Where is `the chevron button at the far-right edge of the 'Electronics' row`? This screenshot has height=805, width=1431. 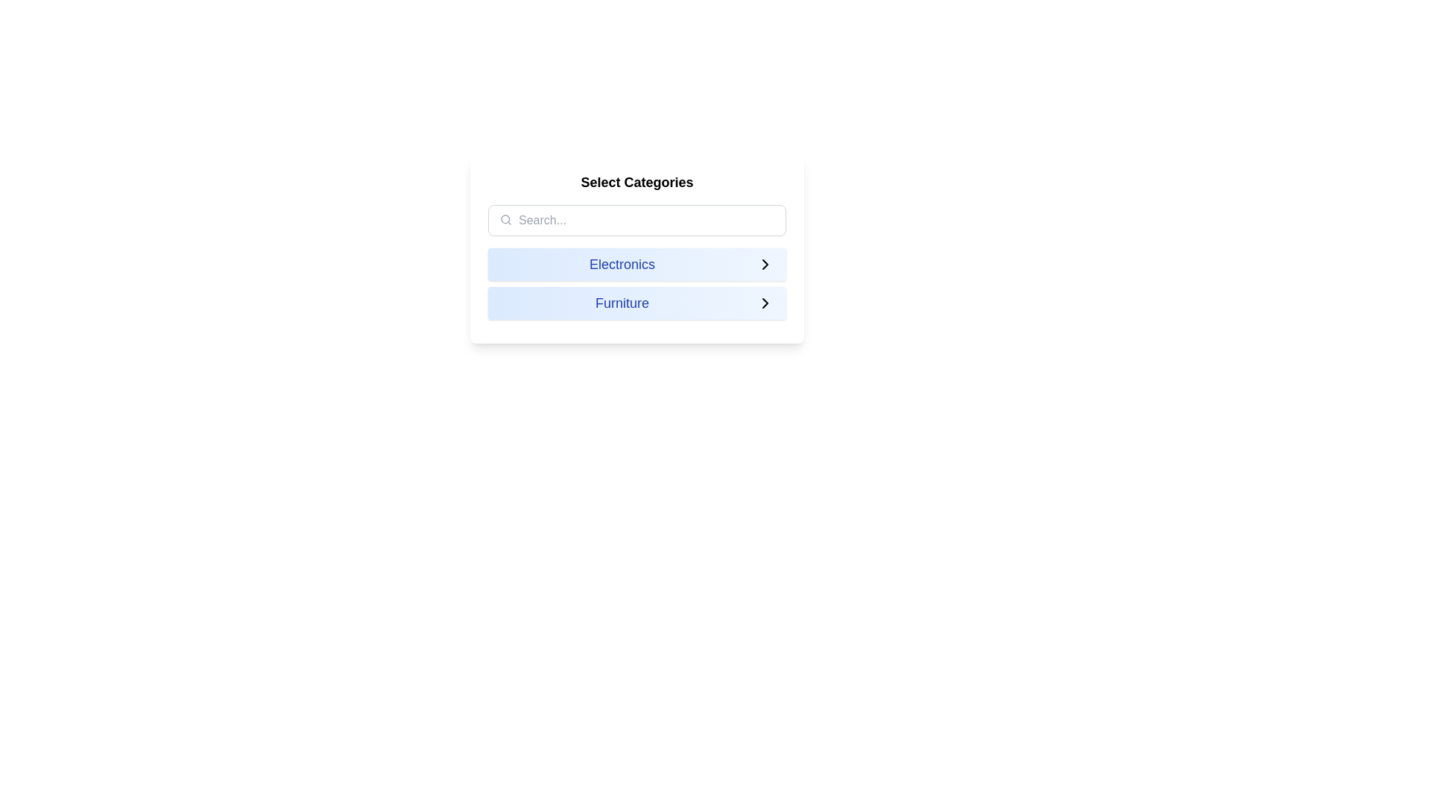 the chevron button at the far-right edge of the 'Electronics' row is located at coordinates (765, 263).